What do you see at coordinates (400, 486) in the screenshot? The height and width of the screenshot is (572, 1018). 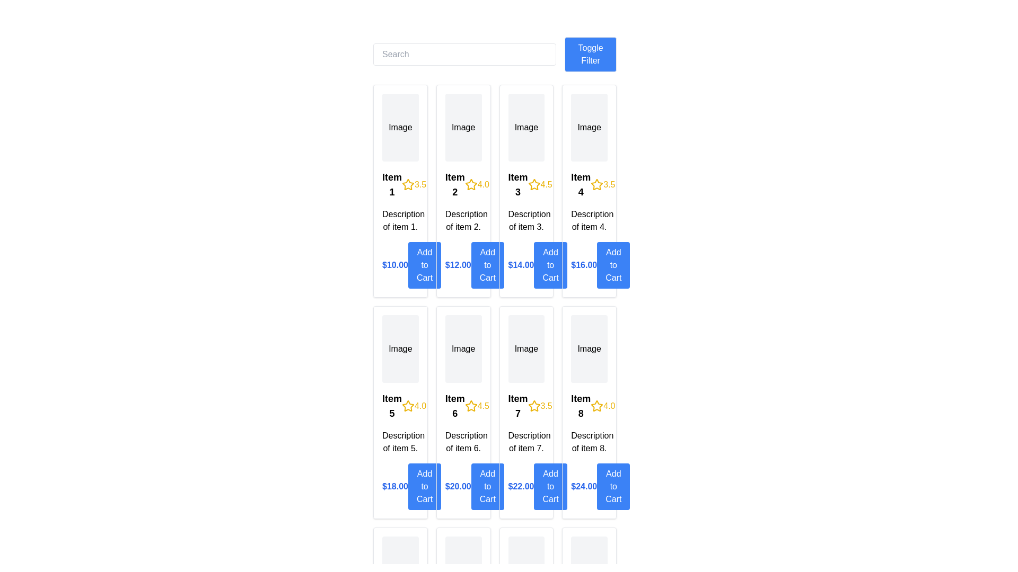 I see `the price label of the product in the fifth item card of the second row` at bounding box center [400, 486].